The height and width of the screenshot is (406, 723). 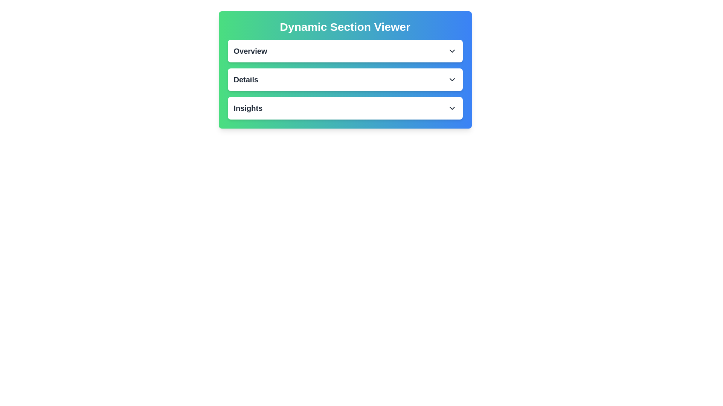 What do you see at coordinates (345, 80) in the screenshot?
I see `the 'Details' dropdown header element` at bounding box center [345, 80].